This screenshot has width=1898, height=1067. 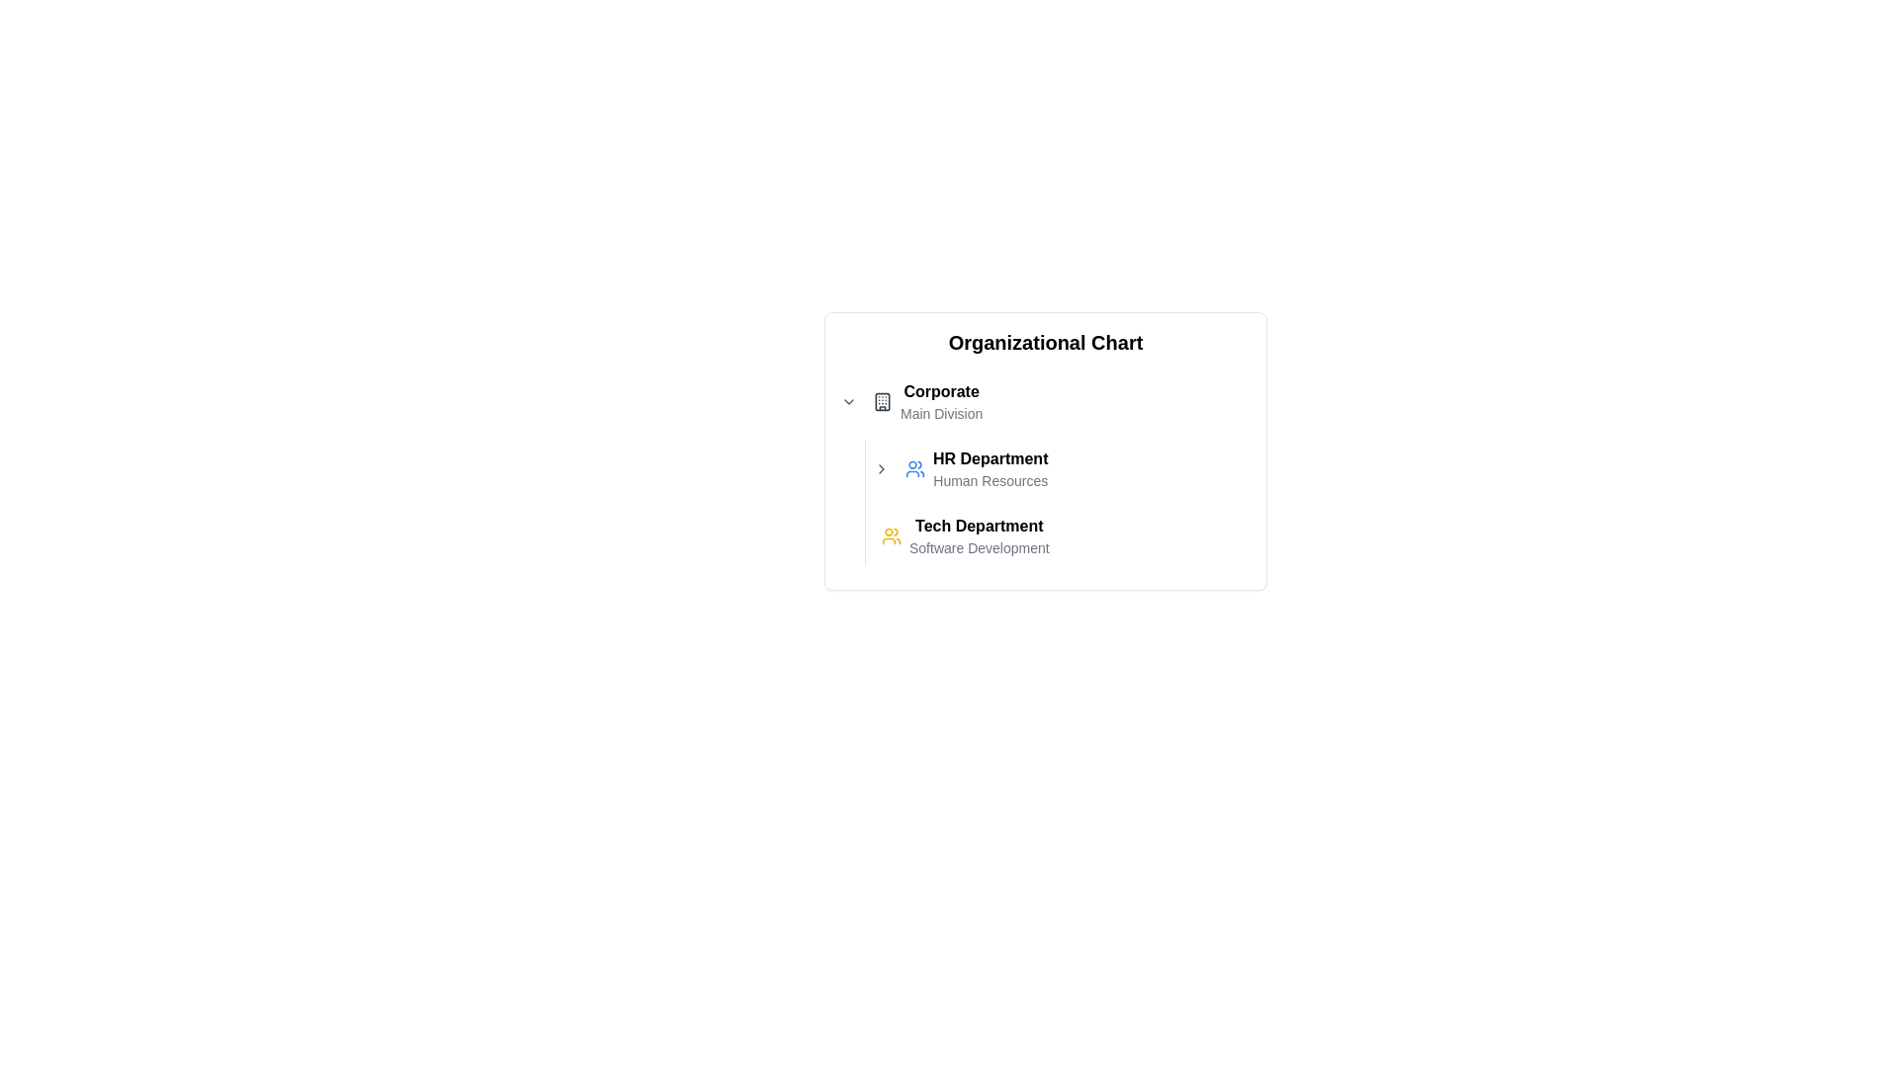 I want to click on the HR Department informational card in the organizational chart, so click(x=977, y=468).